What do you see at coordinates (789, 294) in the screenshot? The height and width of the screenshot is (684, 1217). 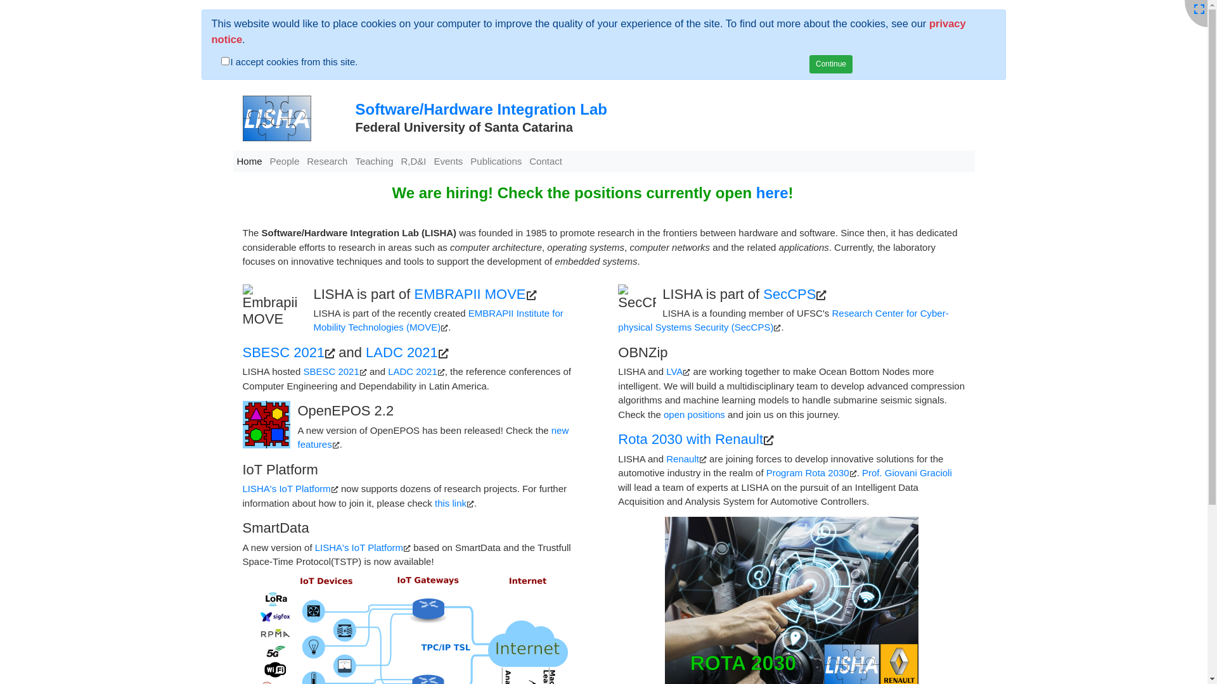 I see `'SecCPS'` at bounding box center [789, 294].